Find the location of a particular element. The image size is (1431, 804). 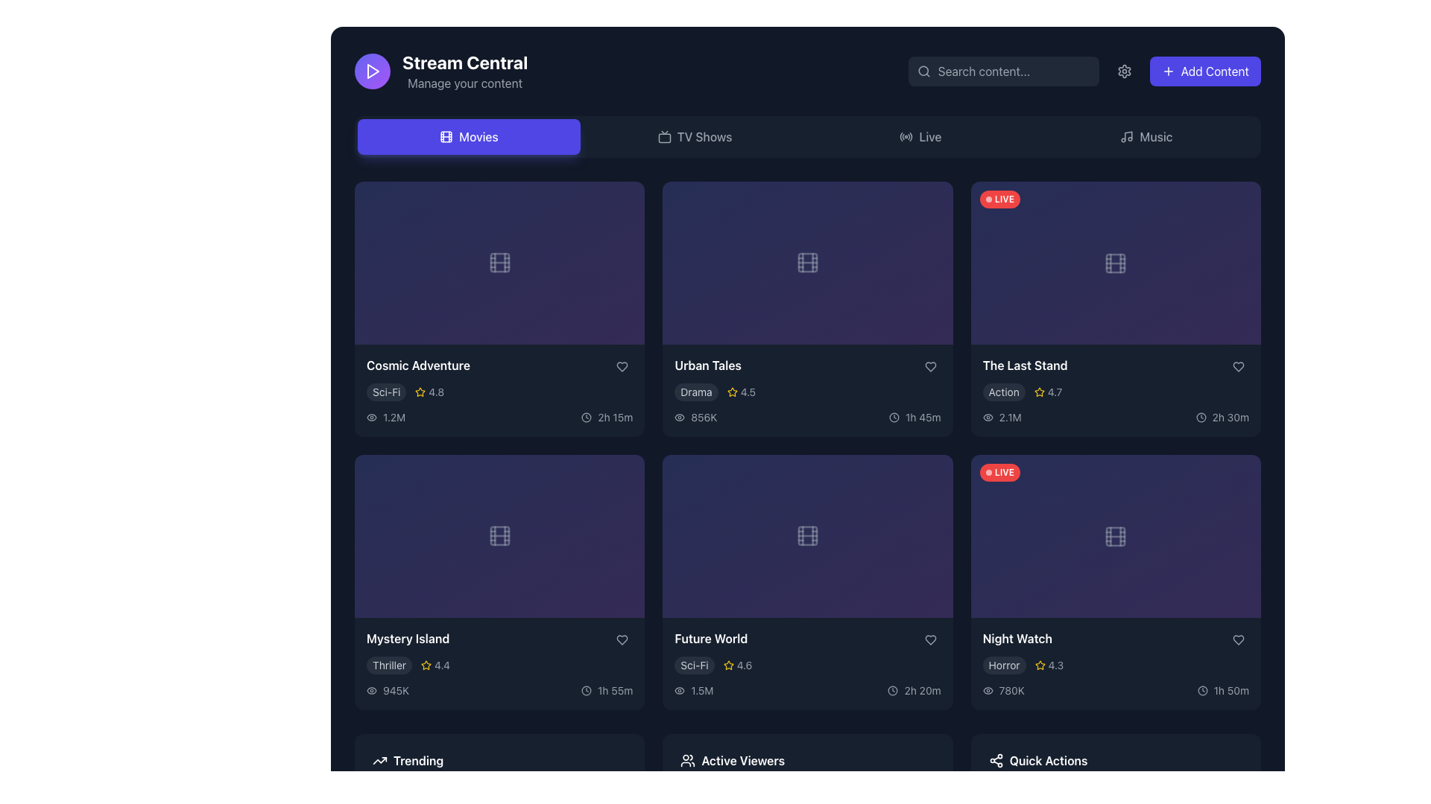

the clock icon representing the duration of the movie 'Urban Tales', located to the left of the duration text '1h 45m' is located at coordinates (894, 417).